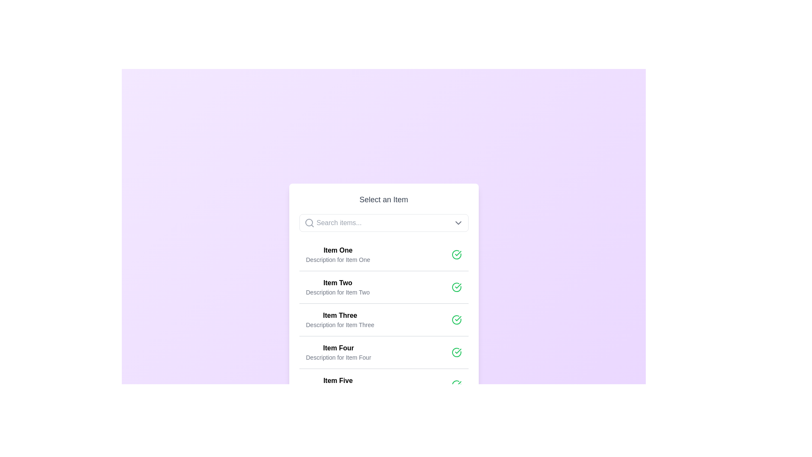 Image resolution: width=812 pixels, height=457 pixels. I want to click on the circular part of the magnifying glass icon, which symbolizes the search feature located at the top-left corner of the search bar, so click(308, 222).